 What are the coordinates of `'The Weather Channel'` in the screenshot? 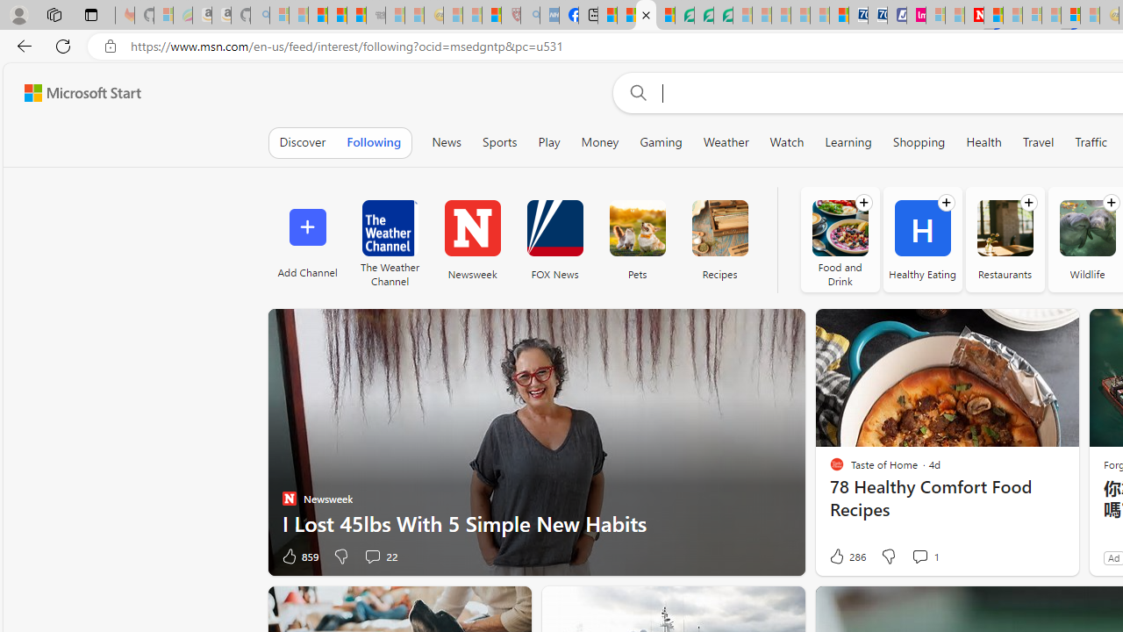 It's located at (389, 239).